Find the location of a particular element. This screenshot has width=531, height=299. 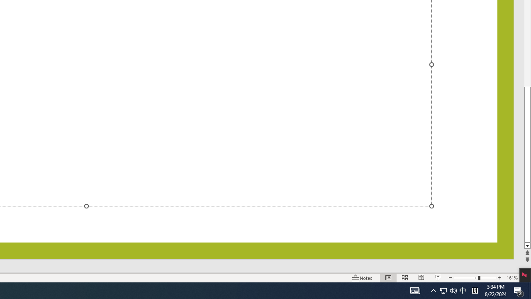

'Zoom 161%' is located at coordinates (512, 278).